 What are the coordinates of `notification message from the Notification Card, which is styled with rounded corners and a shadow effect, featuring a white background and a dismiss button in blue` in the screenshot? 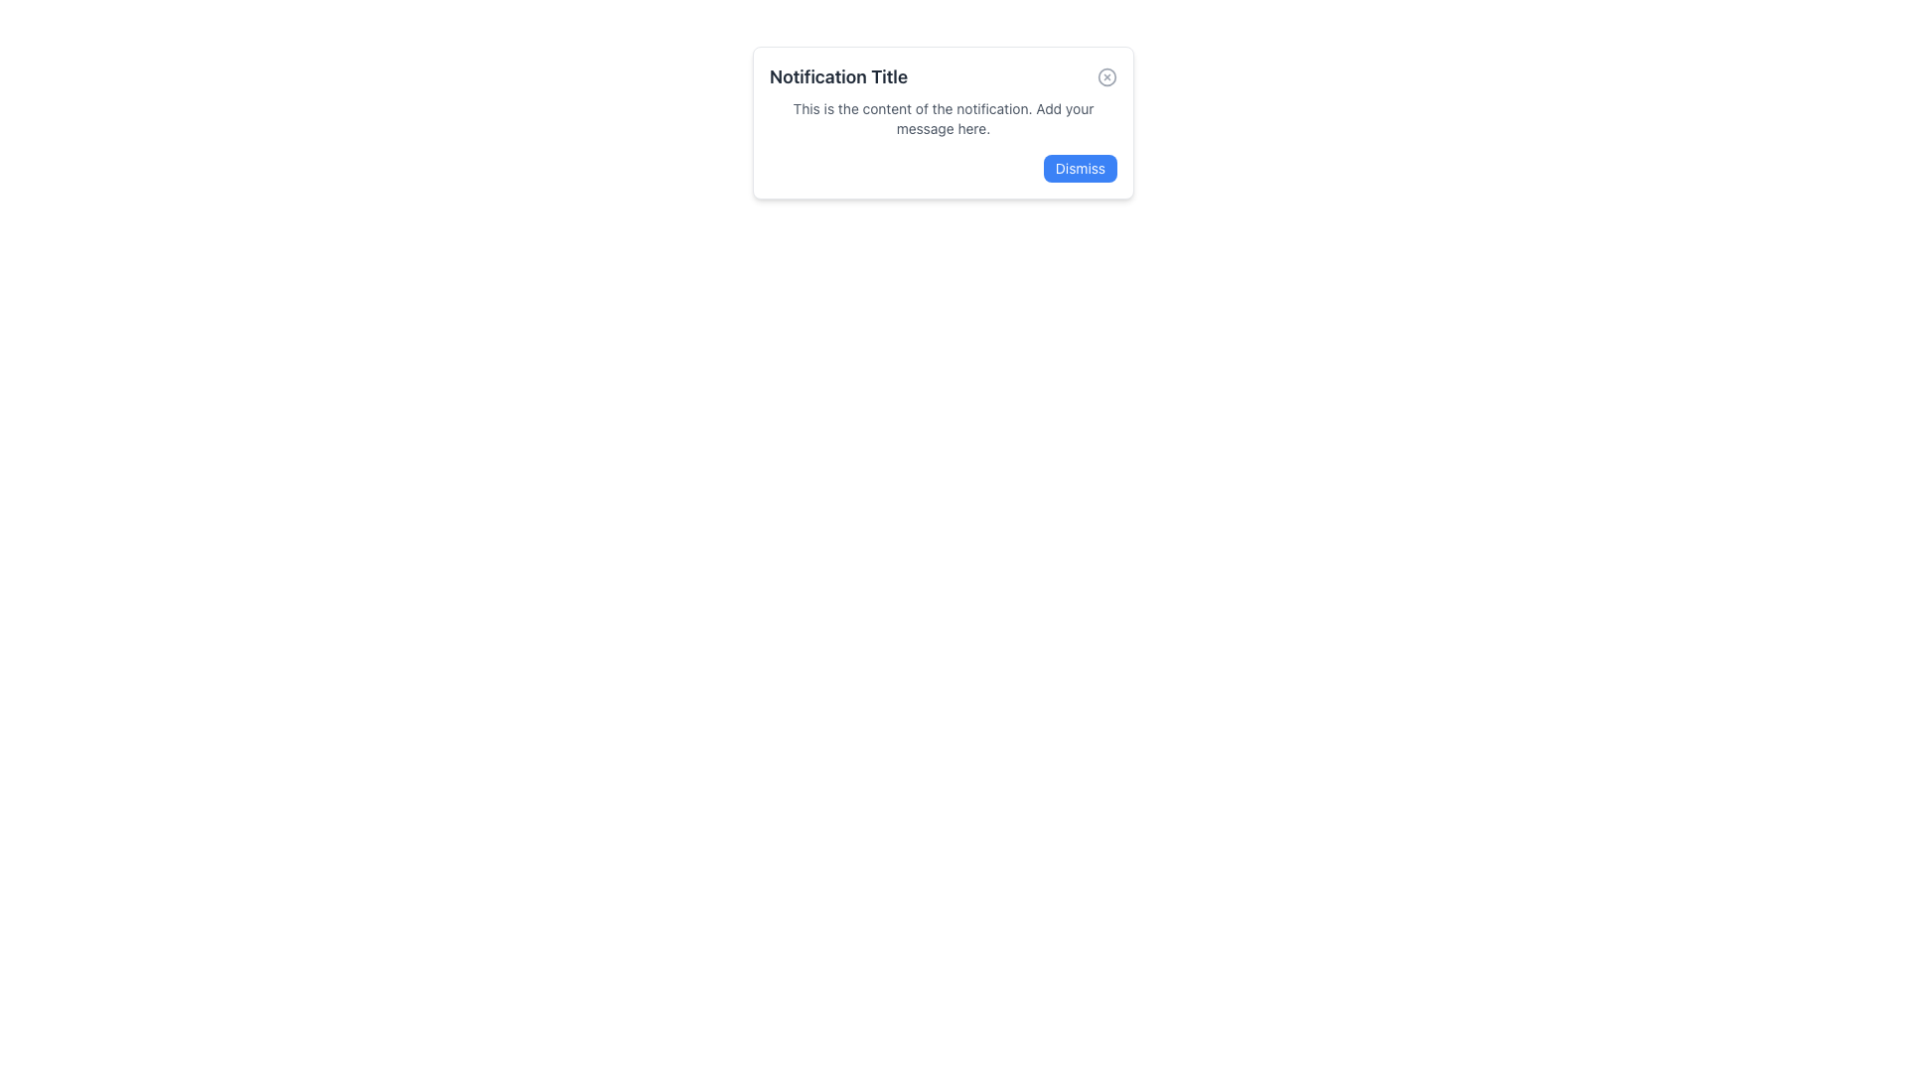 It's located at (943, 122).